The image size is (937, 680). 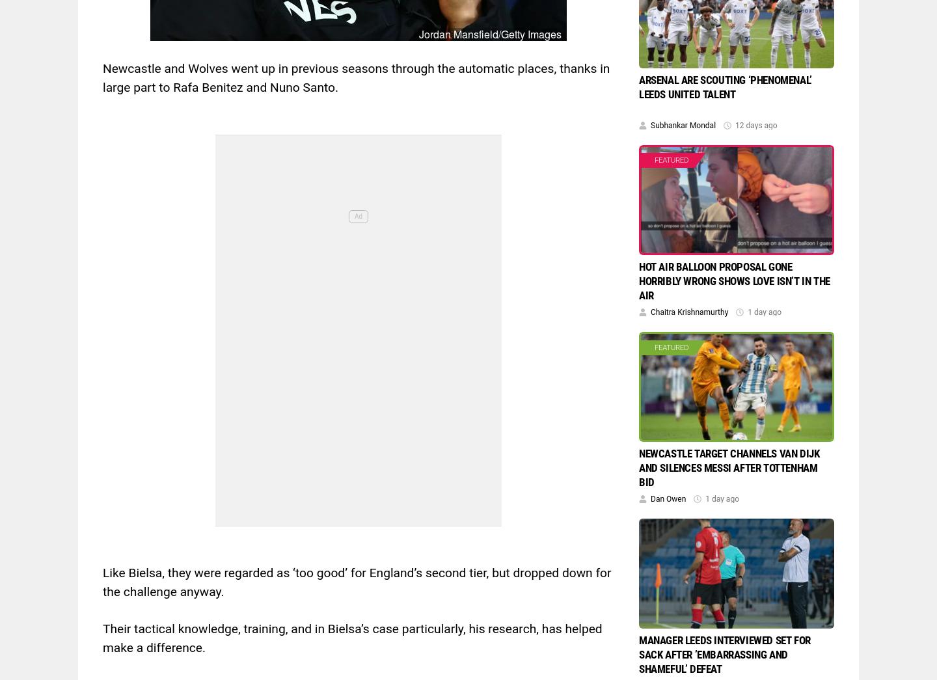 I want to click on '12 days ago', so click(x=755, y=124).